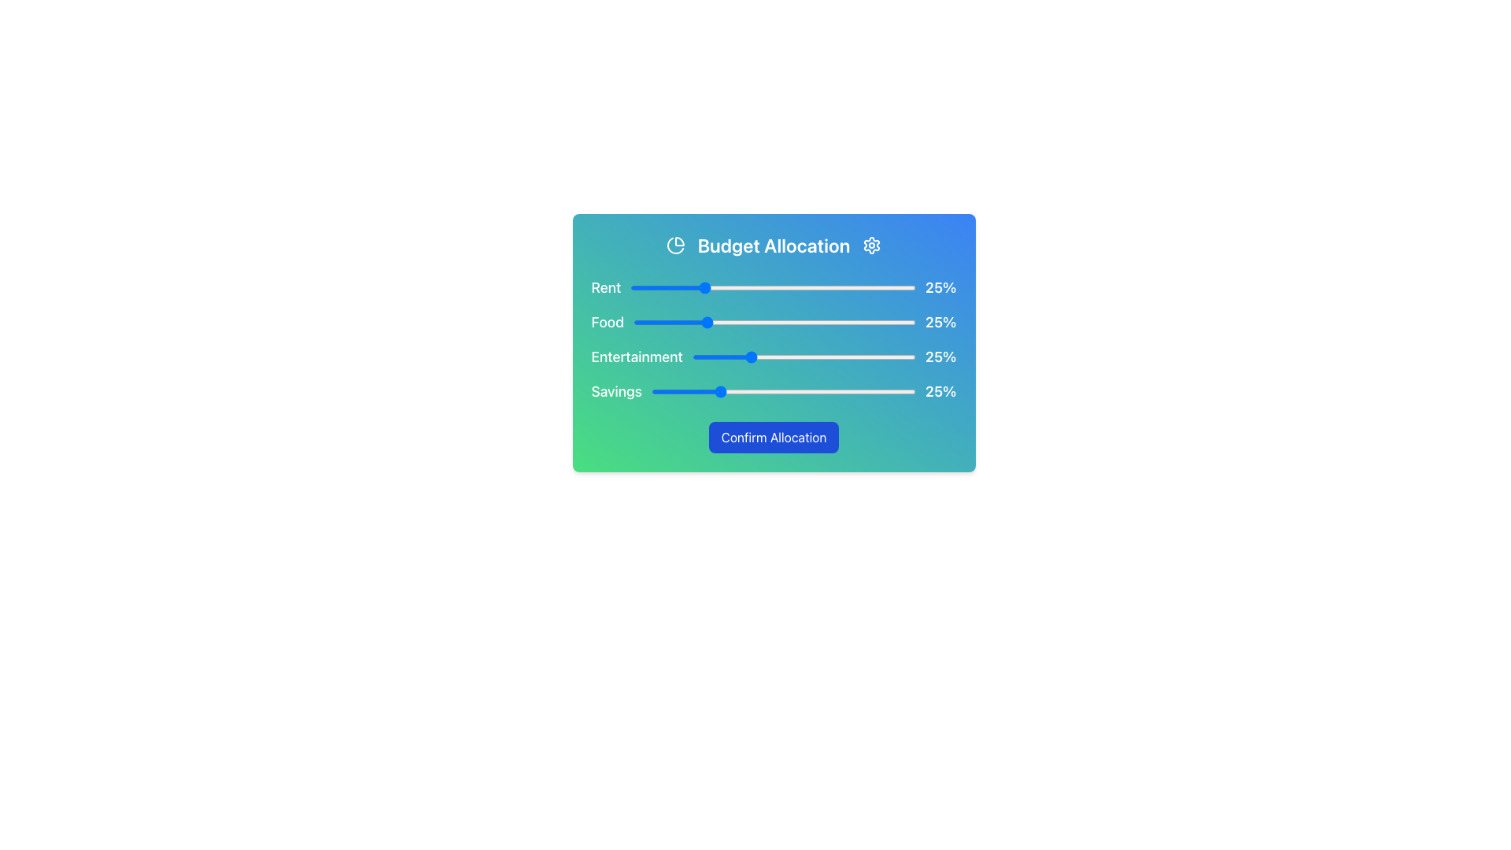 The height and width of the screenshot is (850, 1511). Describe the element at coordinates (774, 321) in the screenshot. I see `the Food allocation slider` at that location.